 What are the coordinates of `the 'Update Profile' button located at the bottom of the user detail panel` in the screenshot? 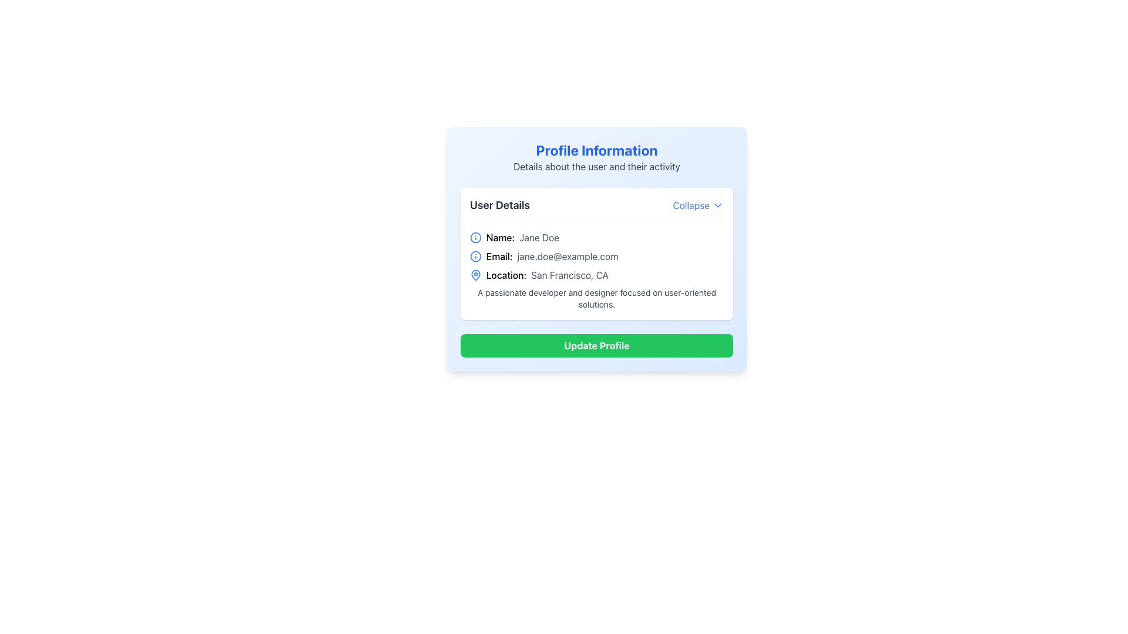 It's located at (597, 345).